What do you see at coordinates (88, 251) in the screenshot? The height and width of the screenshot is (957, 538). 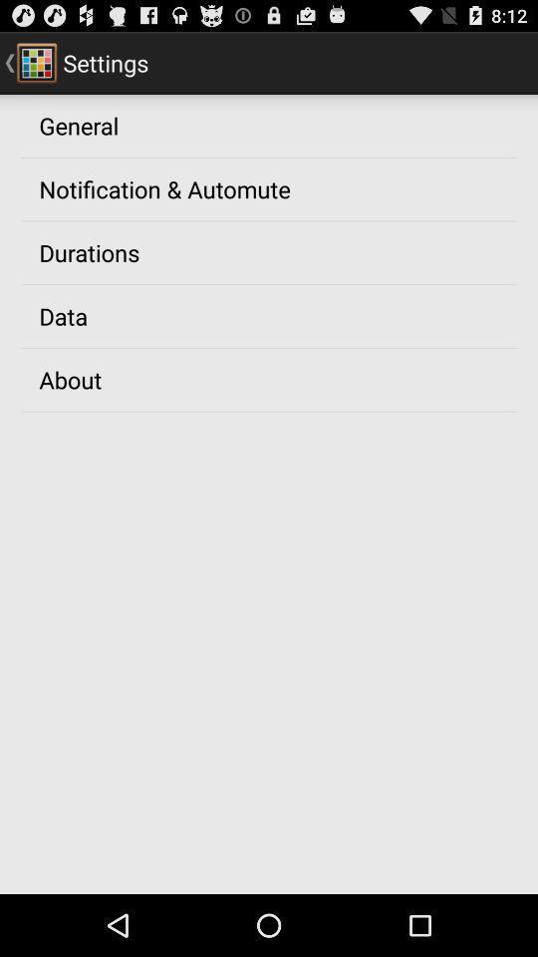 I see `the durations item` at bounding box center [88, 251].